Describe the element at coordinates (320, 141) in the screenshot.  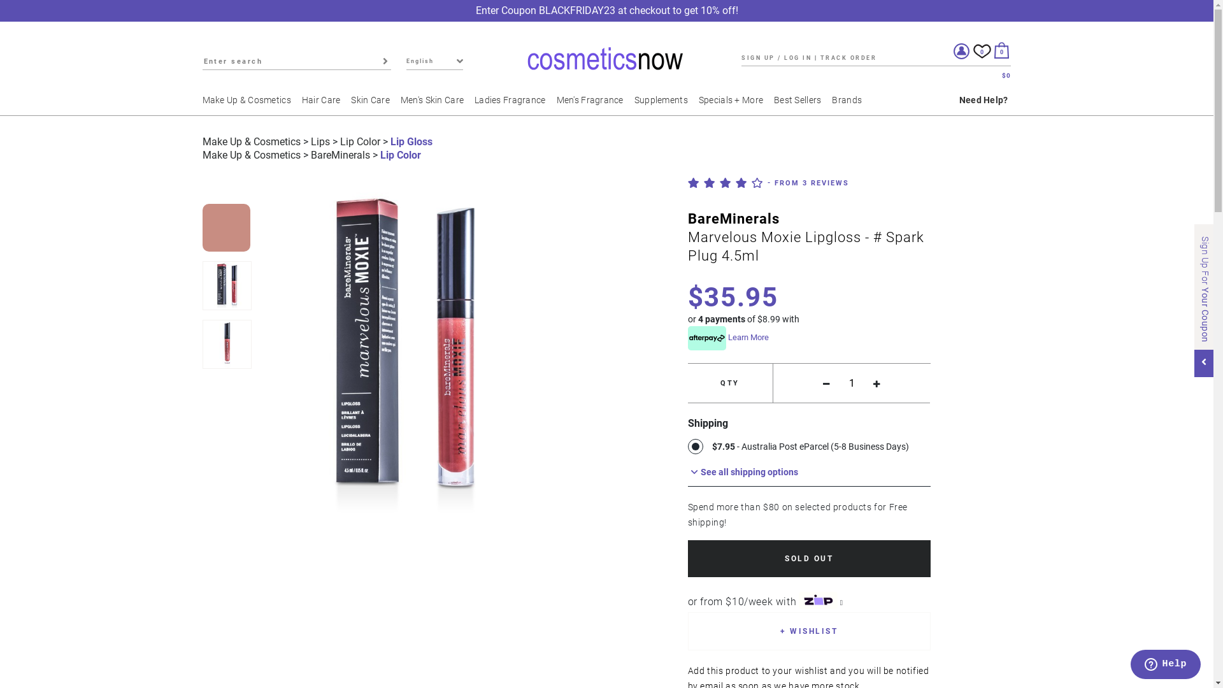
I see `'Lips'` at that location.